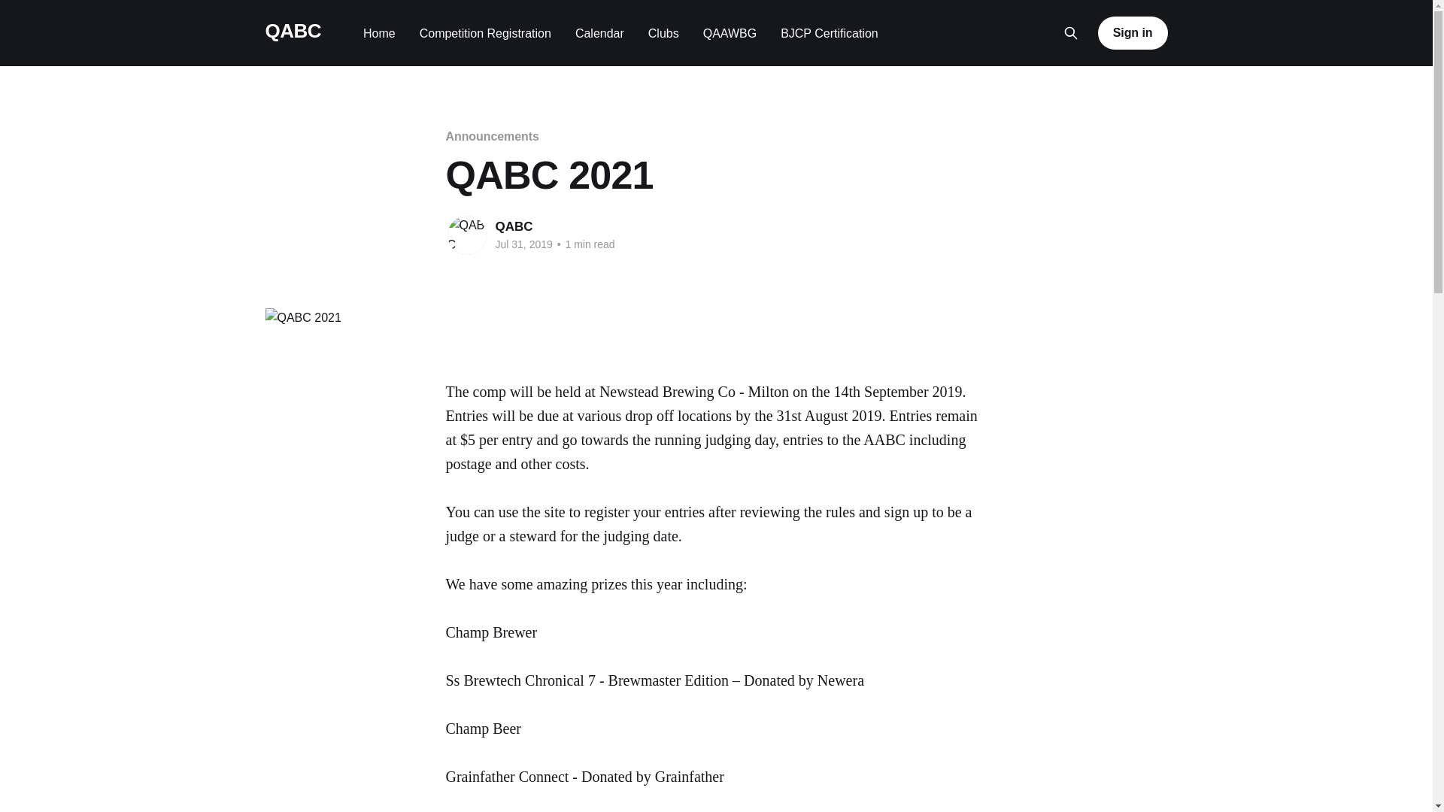 The width and height of the screenshot is (1444, 812). Describe the element at coordinates (663, 33) in the screenshot. I see `'Clubs'` at that location.